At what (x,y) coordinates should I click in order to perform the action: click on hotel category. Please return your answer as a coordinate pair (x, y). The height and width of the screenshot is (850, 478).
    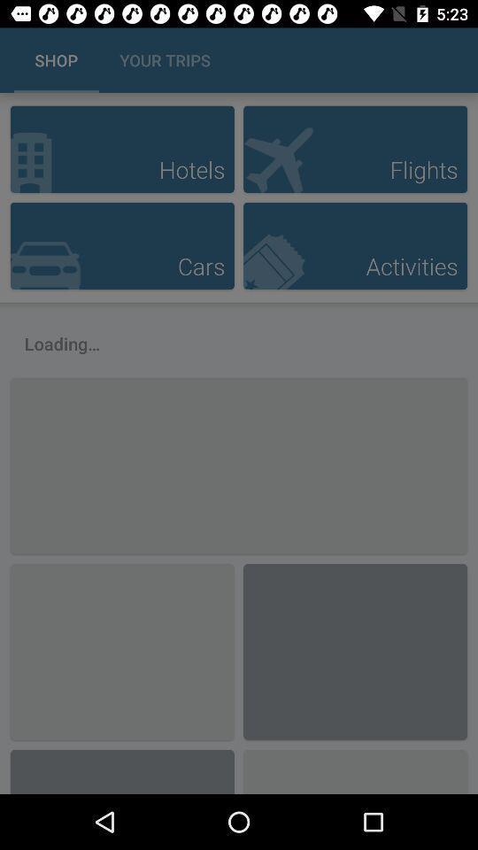
    Looking at the image, I should click on (121, 148).